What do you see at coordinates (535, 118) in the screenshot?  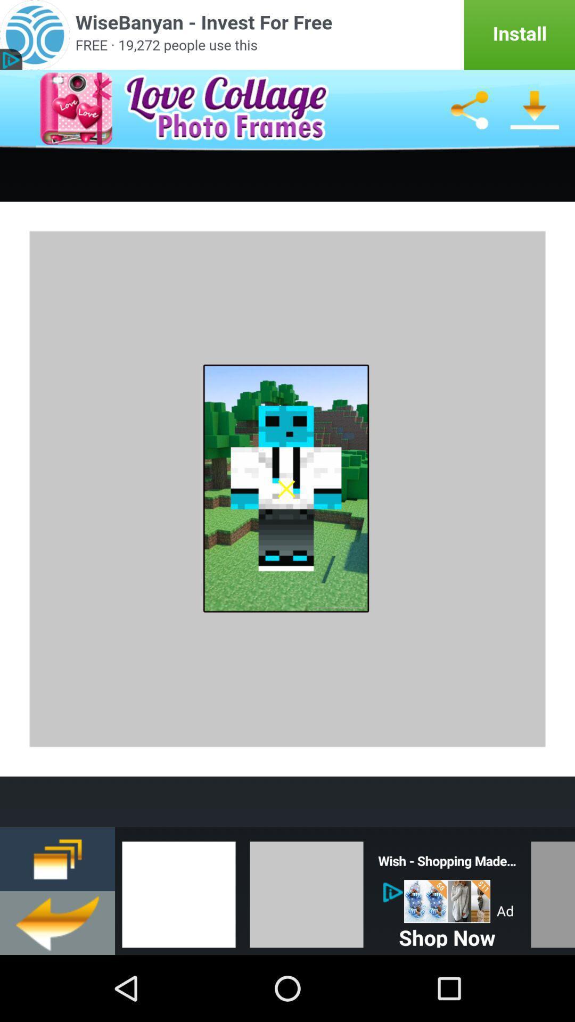 I see `the file_download icon` at bounding box center [535, 118].